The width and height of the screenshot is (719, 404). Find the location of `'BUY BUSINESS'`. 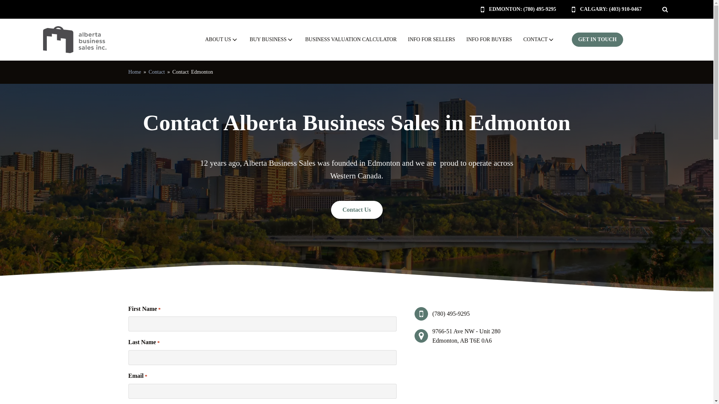

'BUY BUSINESS' is located at coordinates (271, 39).